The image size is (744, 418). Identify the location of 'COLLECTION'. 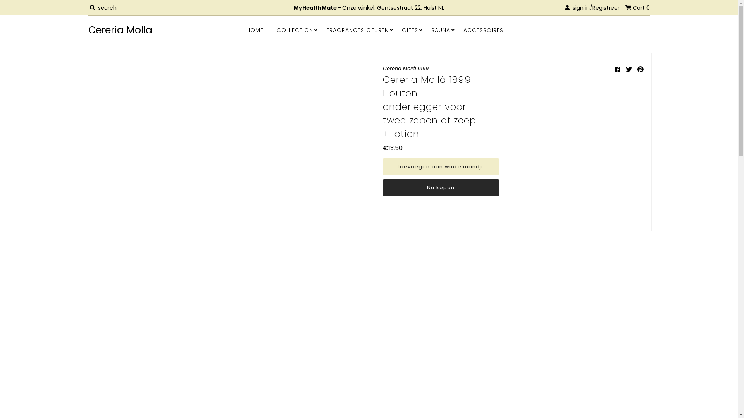
(294, 29).